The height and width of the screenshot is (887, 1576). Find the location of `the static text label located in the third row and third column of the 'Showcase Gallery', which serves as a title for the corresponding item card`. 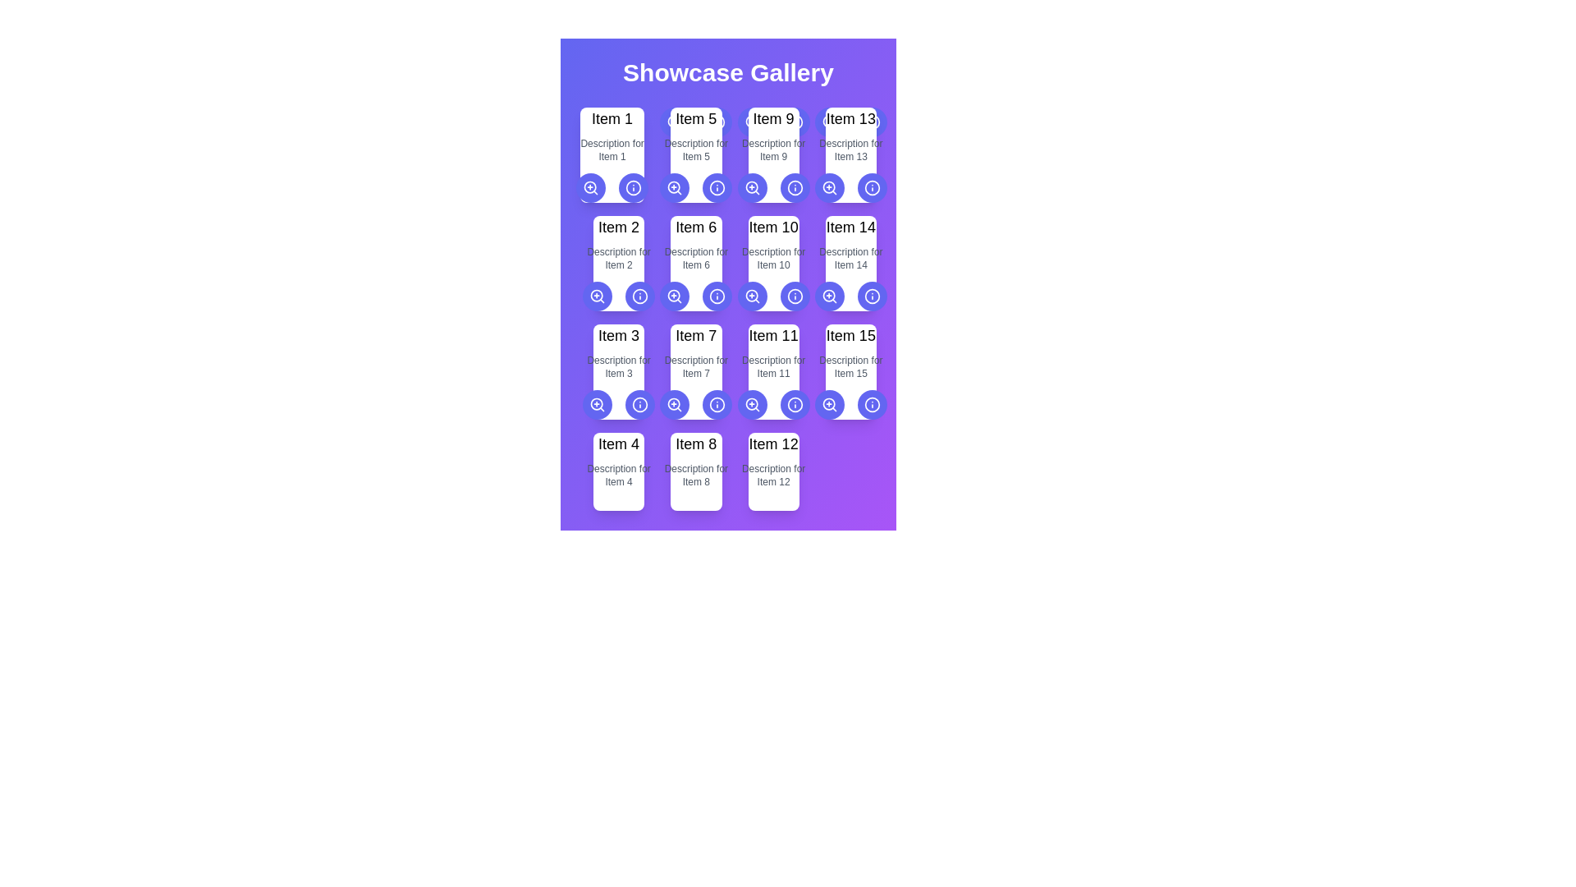

the static text label located in the third row and third column of the 'Showcase Gallery', which serves as a title for the corresponding item card is located at coordinates (772, 334).